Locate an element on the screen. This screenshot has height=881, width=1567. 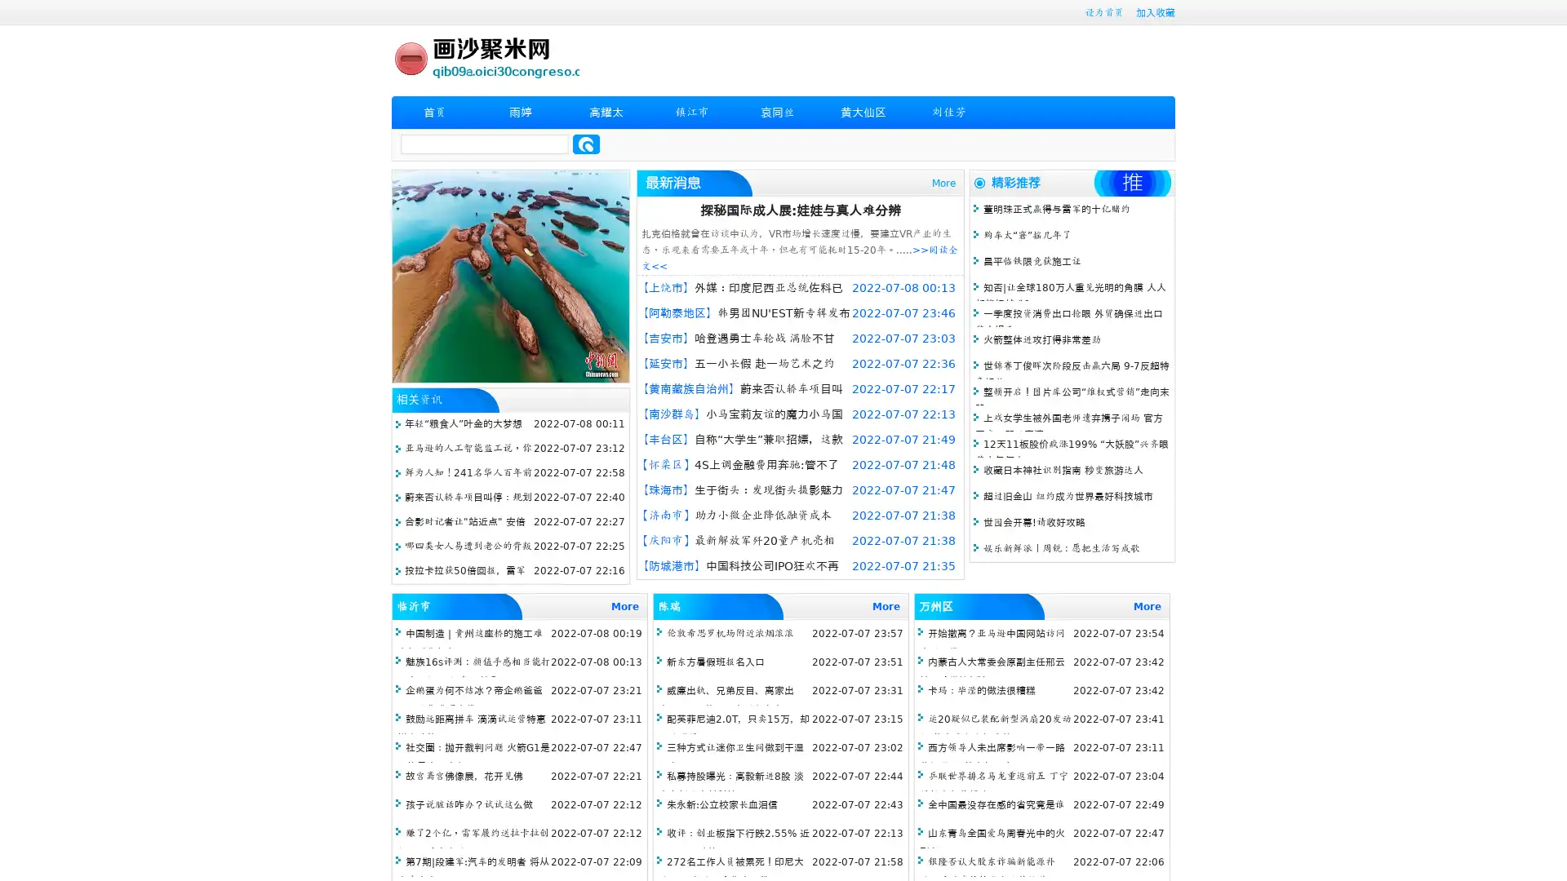
Search is located at coordinates (586, 144).